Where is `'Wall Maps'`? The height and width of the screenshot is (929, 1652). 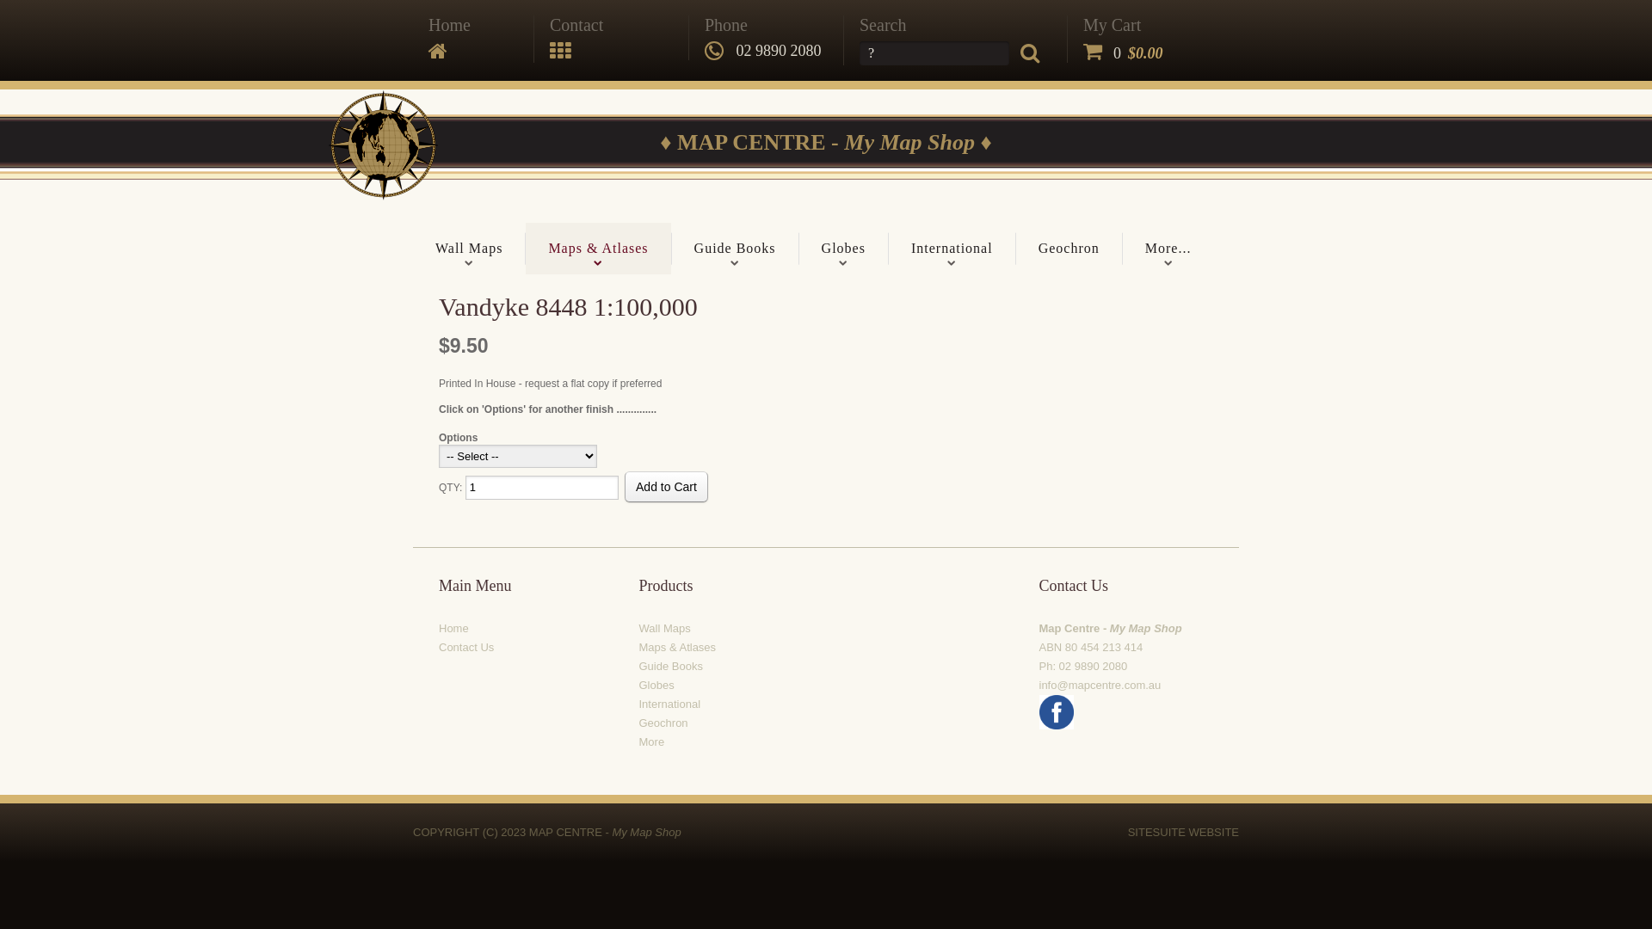 'Wall Maps' is located at coordinates (469, 249).